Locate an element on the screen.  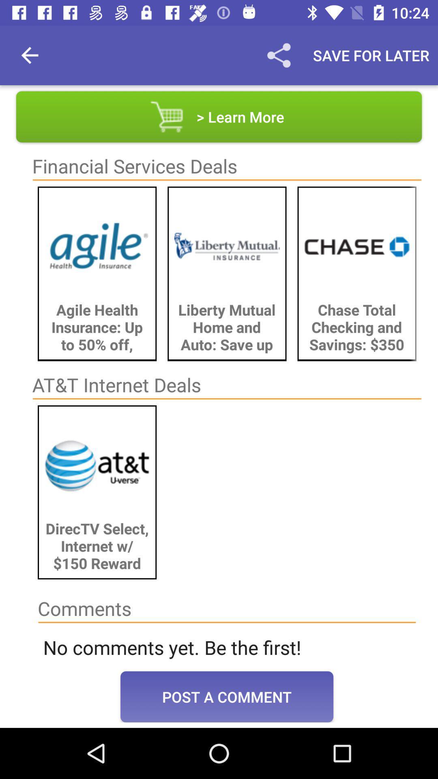
the item above the financial services deals item is located at coordinates (219, 116).